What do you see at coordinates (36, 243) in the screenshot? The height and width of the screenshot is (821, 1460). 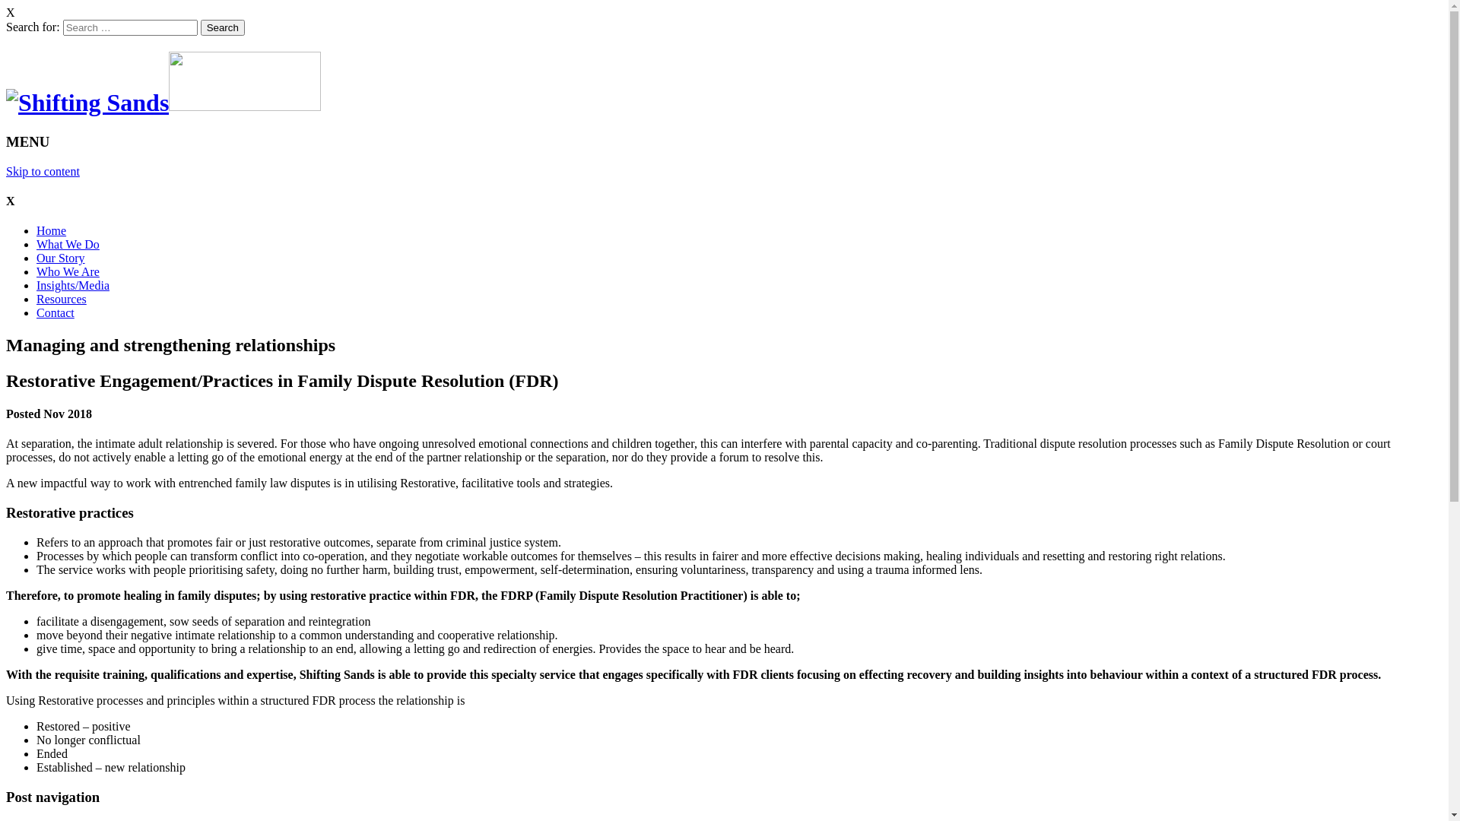 I see `'What We Do'` at bounding box center [36, 243].